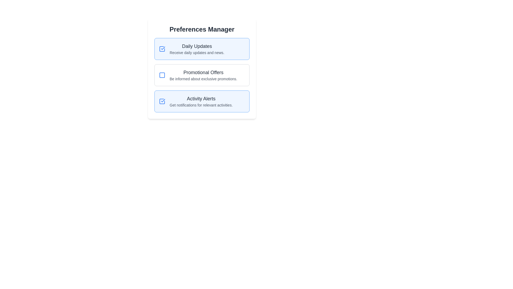 The image size is (513, 289). I want to click on information displayed in the text label with a title and description located in the lower section of the 'Preferences Manager' list, specifically the third item after 'Daily Updates' and 'Promotional Offers', so click(201, 101).